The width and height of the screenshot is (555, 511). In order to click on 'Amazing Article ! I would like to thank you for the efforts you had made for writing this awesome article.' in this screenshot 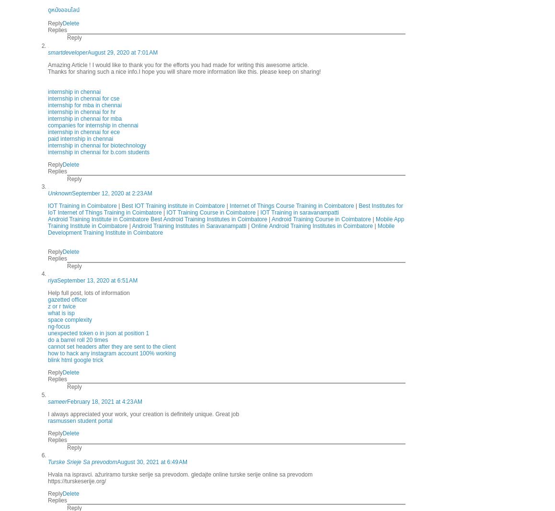, I will do `click(177, 64)`.